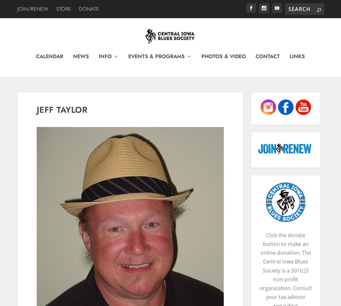  What do you see at coordinates (223, 59) in the screenshot?
I see `'Photos & Video'` at bounding box center [223, 59].